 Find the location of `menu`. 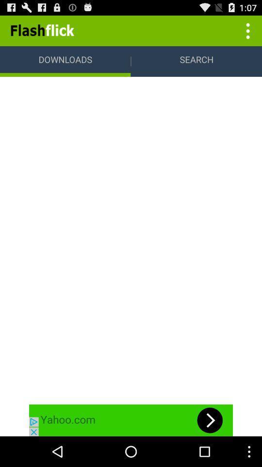

menu is located at coordinates (246, 30).